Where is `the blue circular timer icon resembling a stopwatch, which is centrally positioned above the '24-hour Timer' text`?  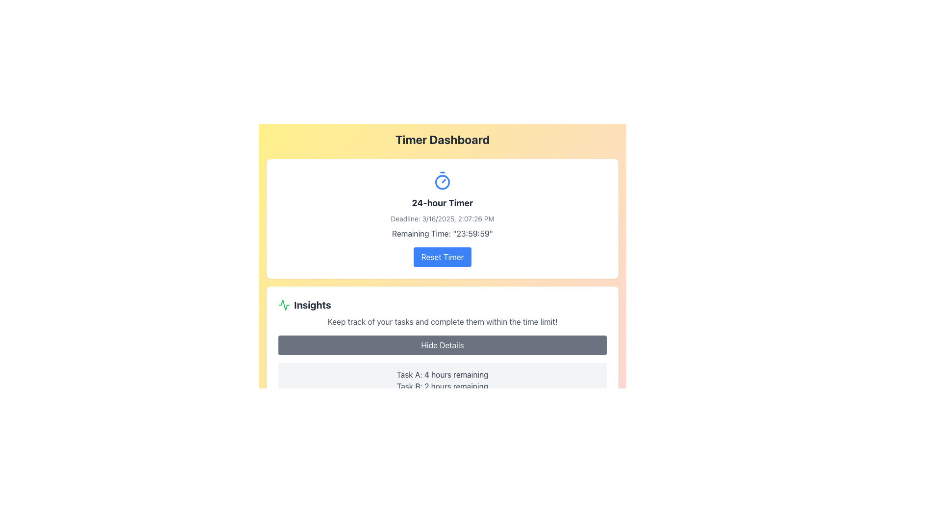 the blue circular timer icon resembling a stopwatch, which is centrally positioned above the '24-hour Timer' text is located at coordinates (442, 181).